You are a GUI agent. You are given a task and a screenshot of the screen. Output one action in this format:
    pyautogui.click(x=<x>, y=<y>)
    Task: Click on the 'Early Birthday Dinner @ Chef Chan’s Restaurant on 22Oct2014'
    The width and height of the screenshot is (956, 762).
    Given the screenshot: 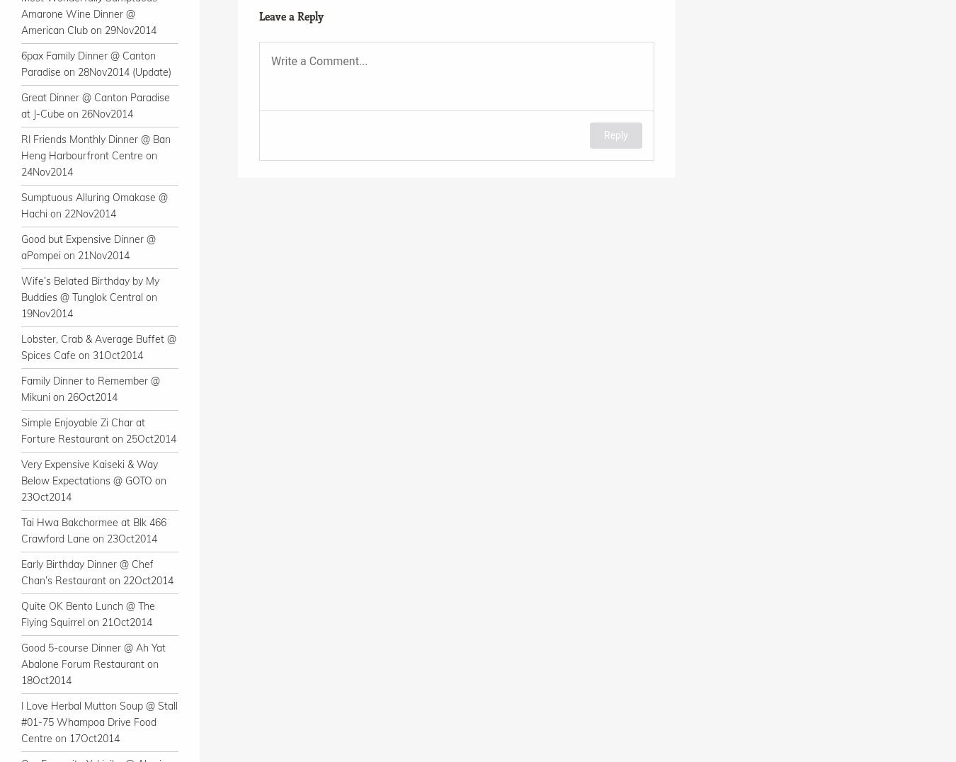 What is the action you would take?
    pyautogui.click(x=97, y=571)
    